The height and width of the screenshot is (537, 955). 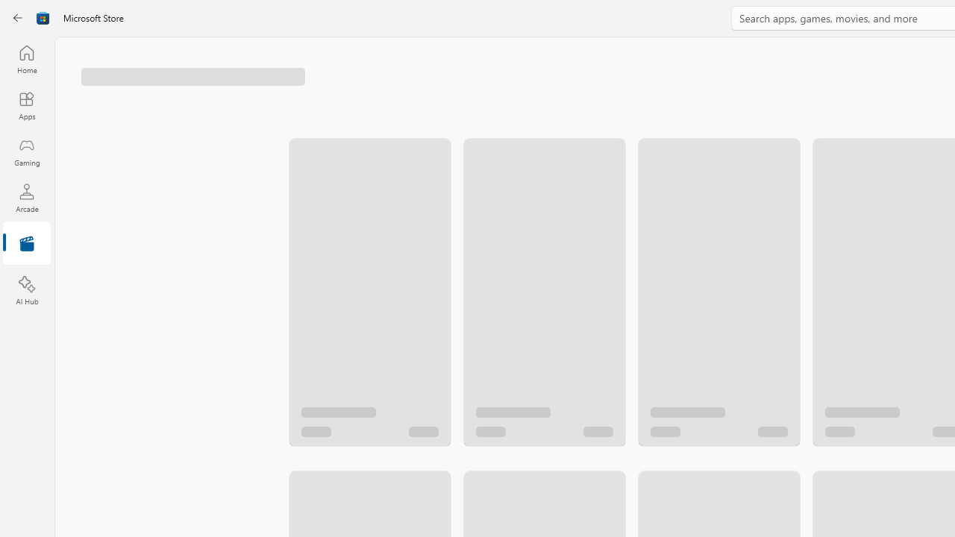 I want to click on 'AI Hub', so click(x=26, y=291).